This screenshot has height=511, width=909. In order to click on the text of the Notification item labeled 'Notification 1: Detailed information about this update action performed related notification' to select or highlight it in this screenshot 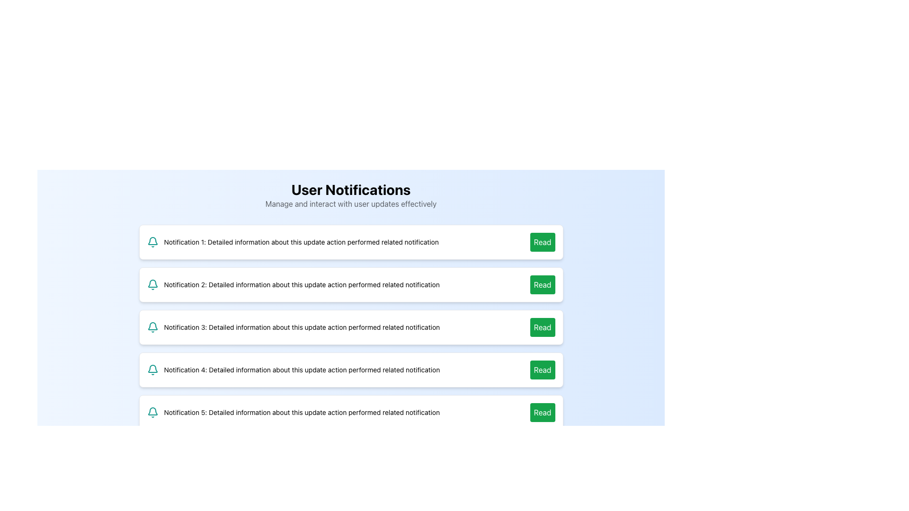, I will do `click(350, 242)`.